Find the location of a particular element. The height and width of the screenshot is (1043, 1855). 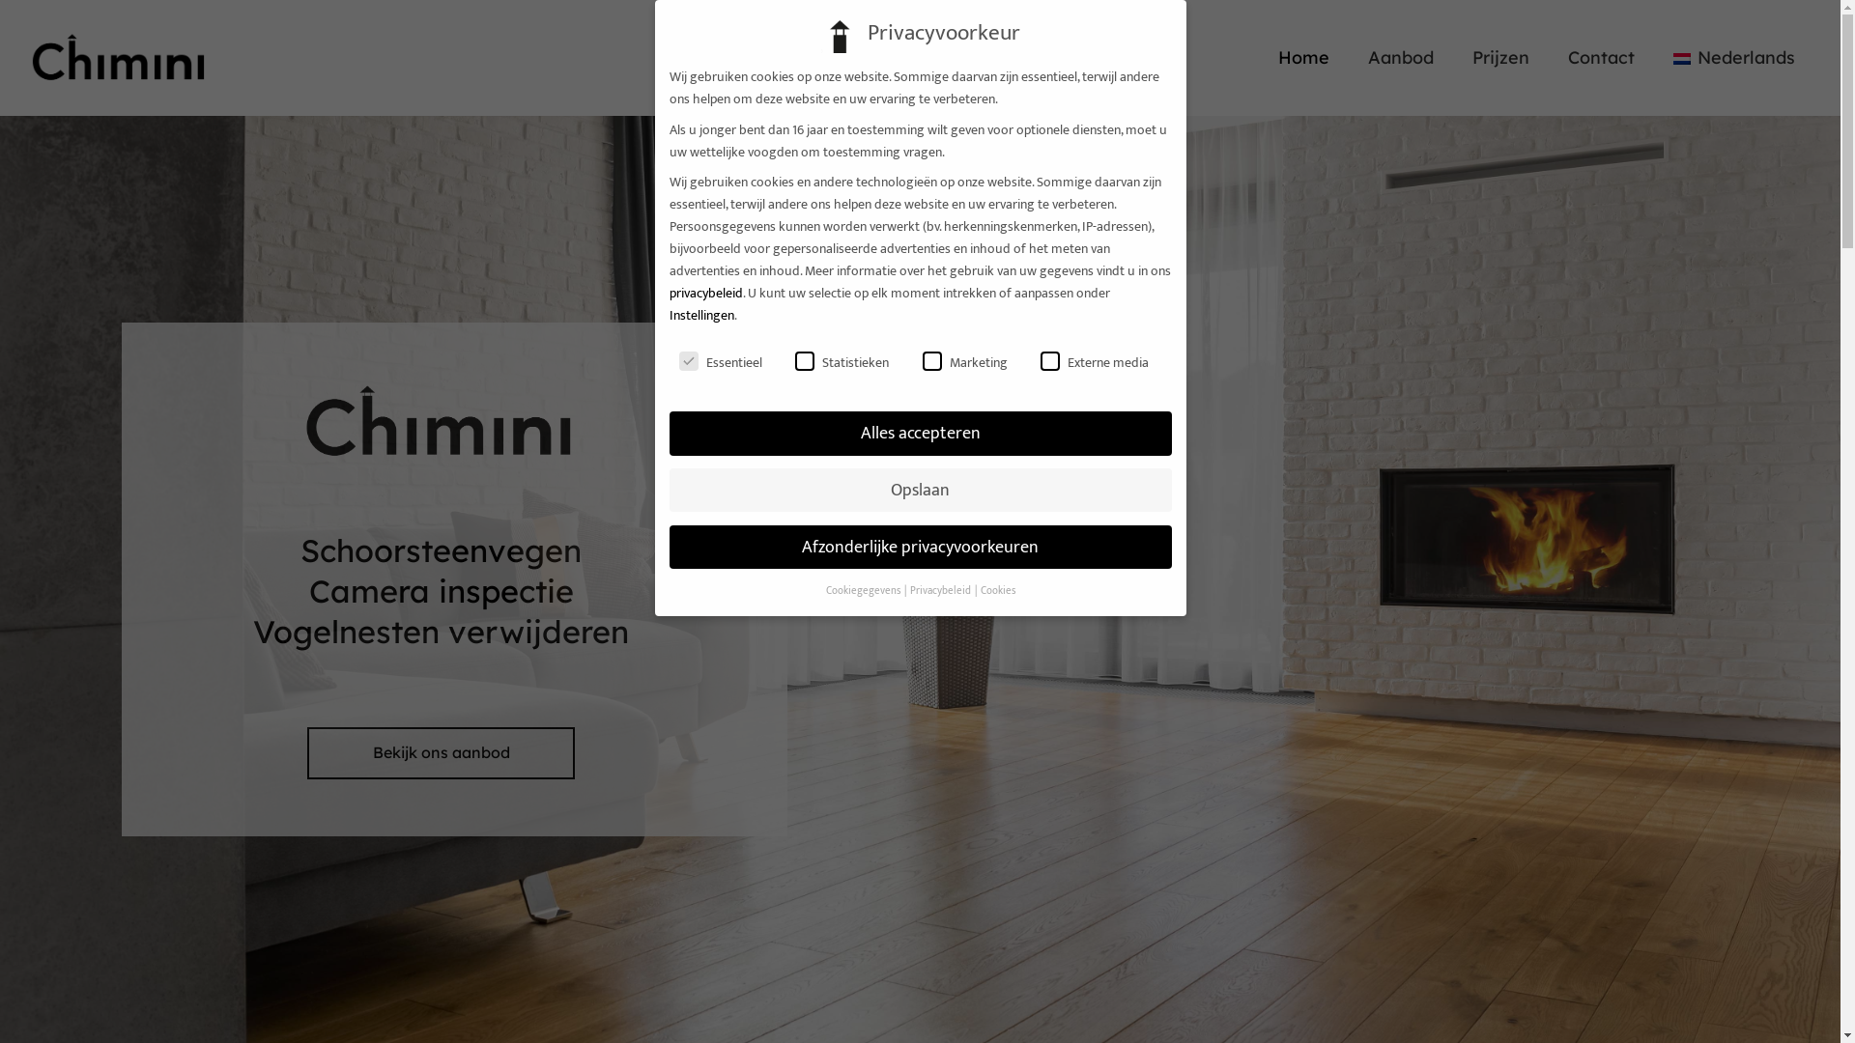

'privacybeleid' is located at coordinates (703, 293).